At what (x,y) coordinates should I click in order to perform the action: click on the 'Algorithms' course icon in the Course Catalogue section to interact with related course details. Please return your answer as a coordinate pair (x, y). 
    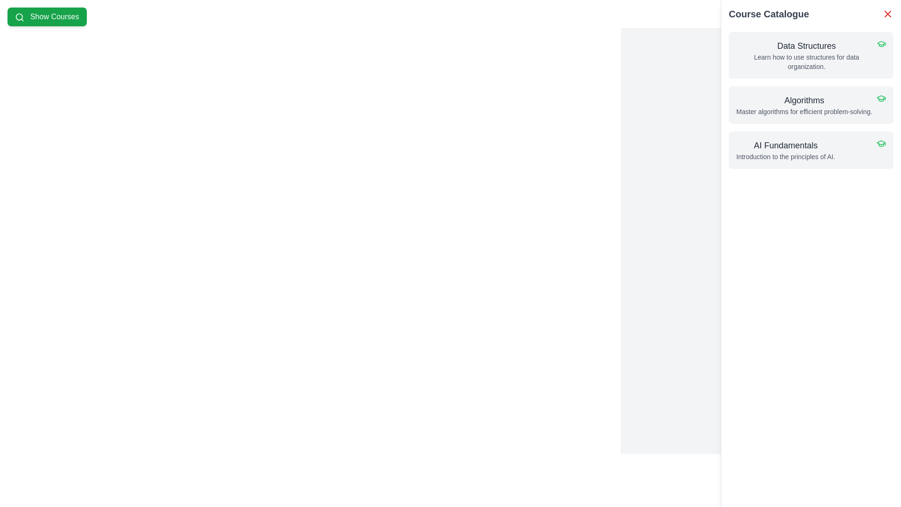
    Looking at the image, I should click on (880, 143).